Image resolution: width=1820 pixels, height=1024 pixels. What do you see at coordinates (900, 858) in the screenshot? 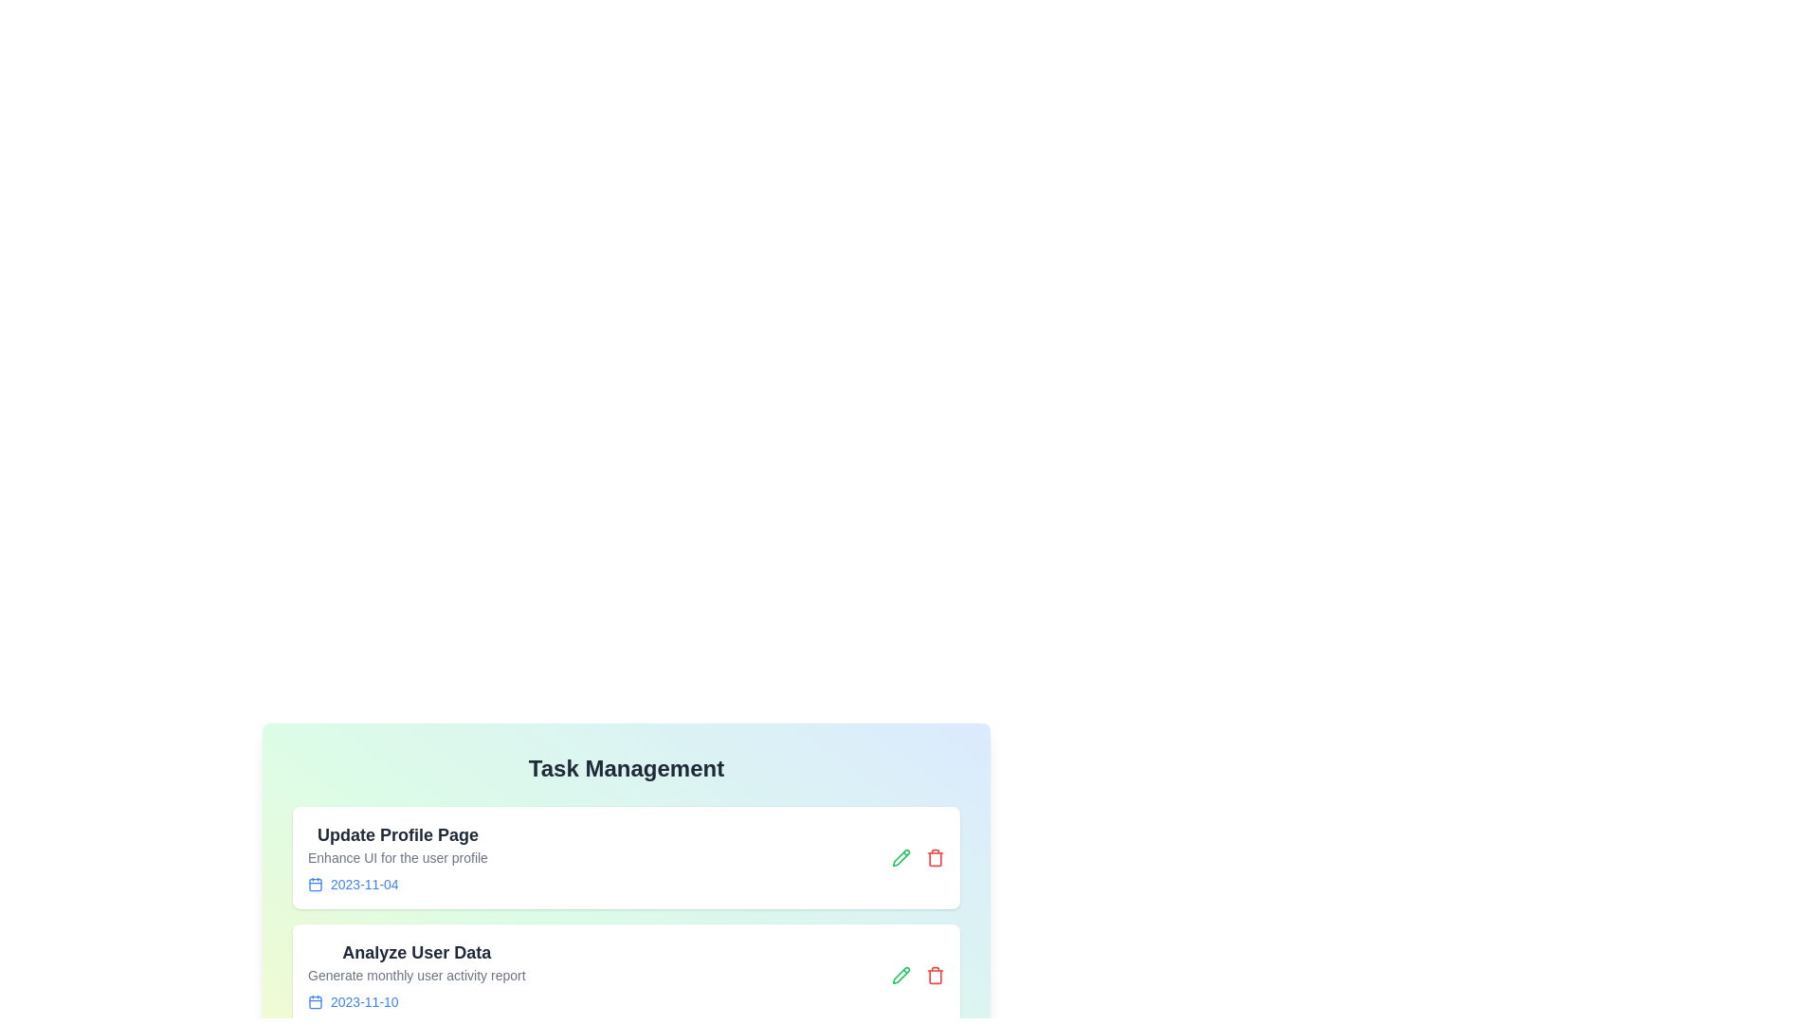
I see `the edit icon of the task titled 'Update Profile Page' to modify its details` at bounding box center [900, 858].